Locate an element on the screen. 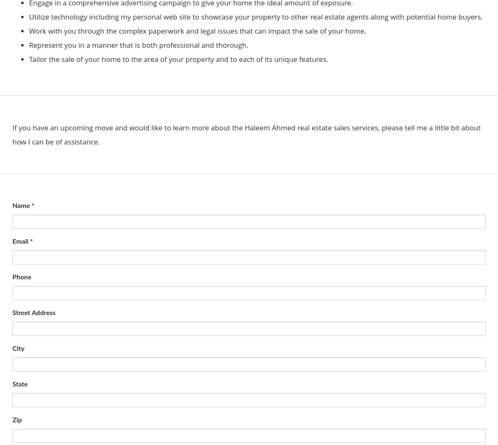 This screenshot has height=445, width=498. 'City' is located at coordinates (12, 348).